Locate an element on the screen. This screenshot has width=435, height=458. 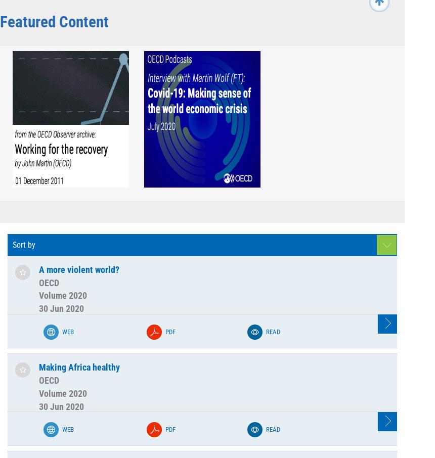
'Volume 1997' is located at coordinates (111, 301).